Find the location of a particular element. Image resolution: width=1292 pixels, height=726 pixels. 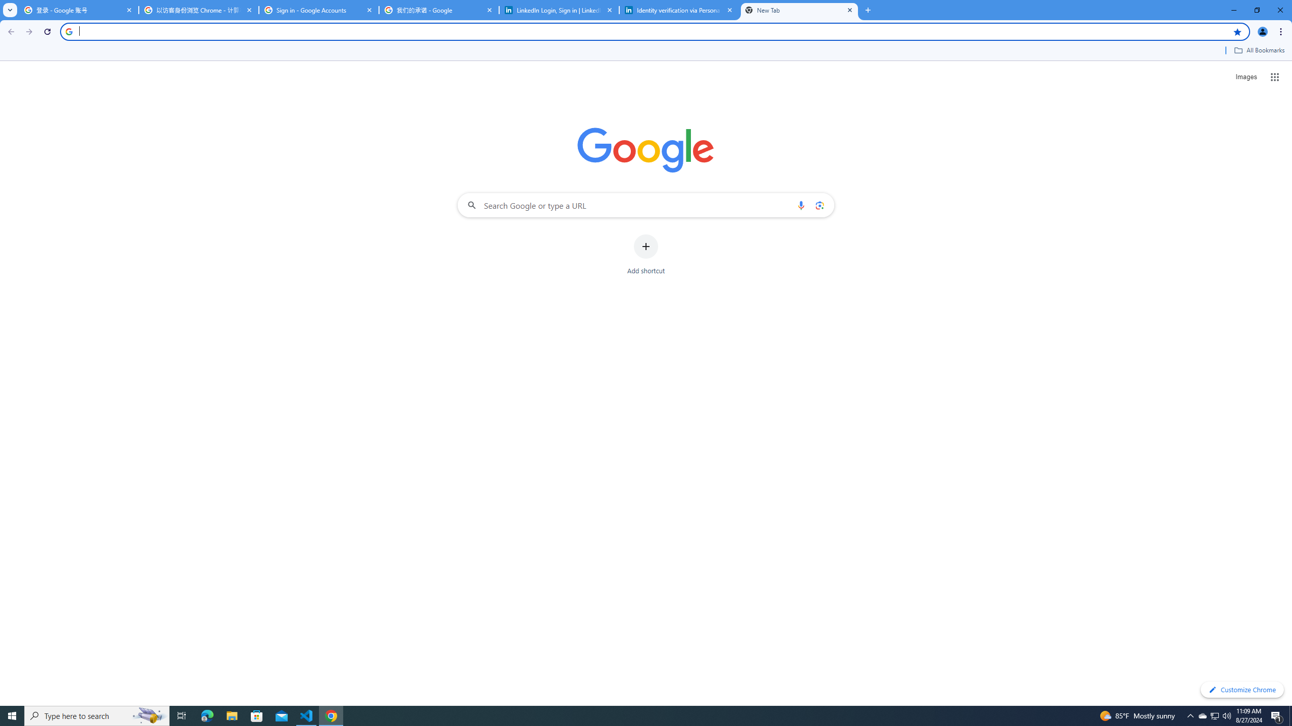

'Minimize' is located at coordinates (1233, 10).